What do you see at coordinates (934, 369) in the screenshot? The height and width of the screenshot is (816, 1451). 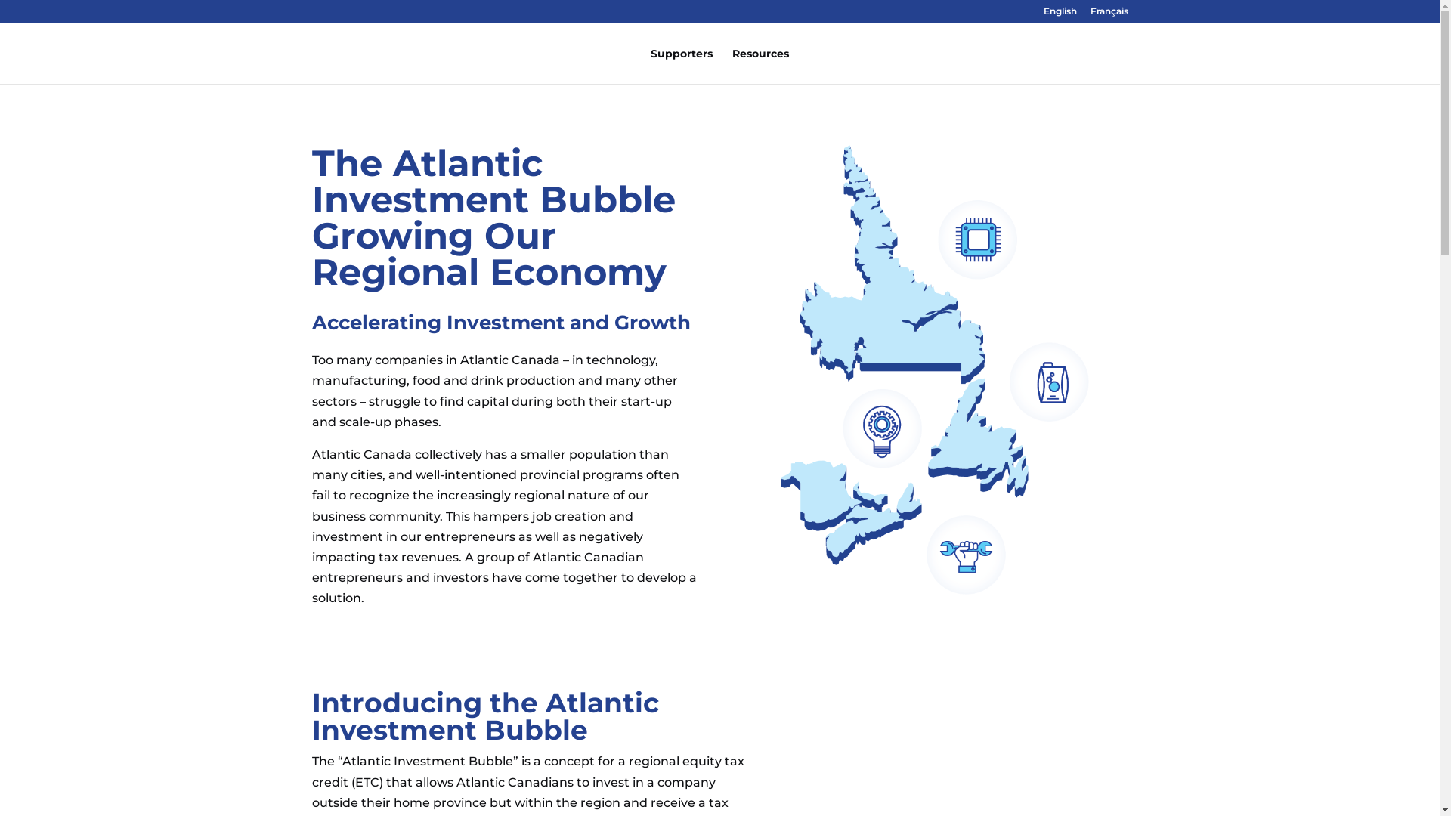 I see `'atlantic region map'` at bounding box center [934, 369].